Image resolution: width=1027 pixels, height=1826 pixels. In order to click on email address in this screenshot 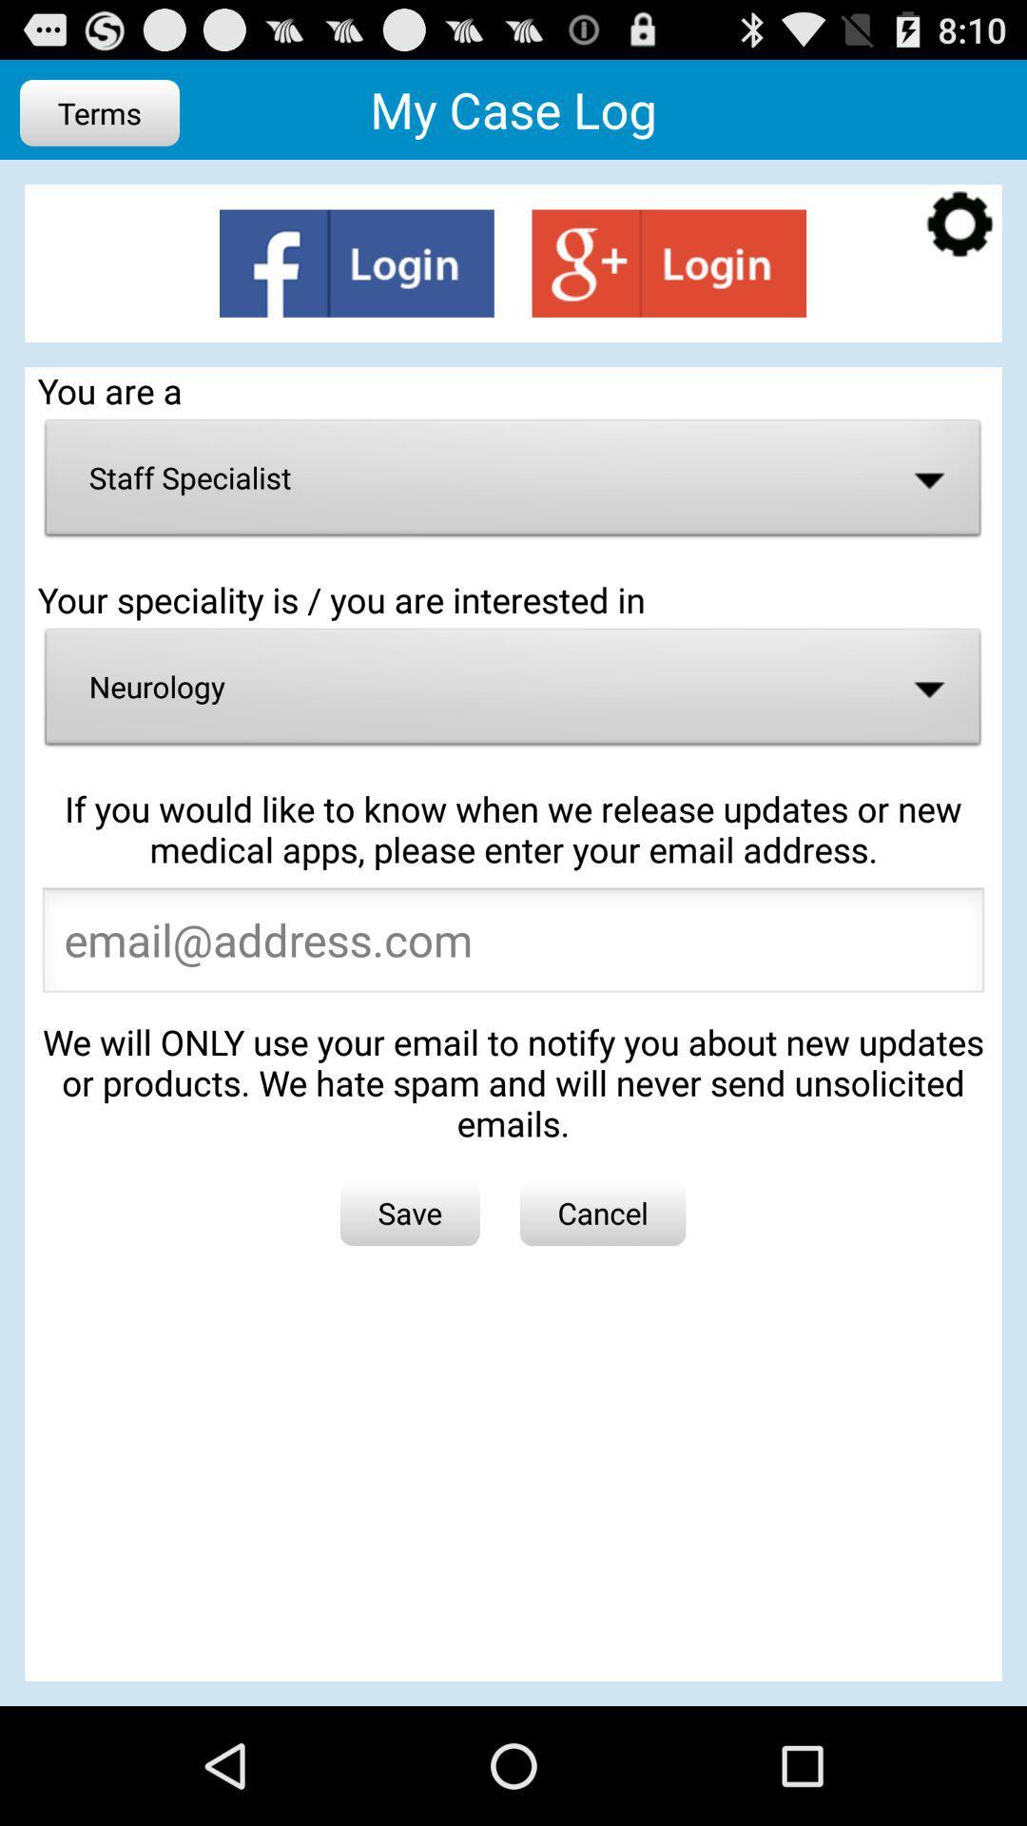, I will do `click(513, 945)`.